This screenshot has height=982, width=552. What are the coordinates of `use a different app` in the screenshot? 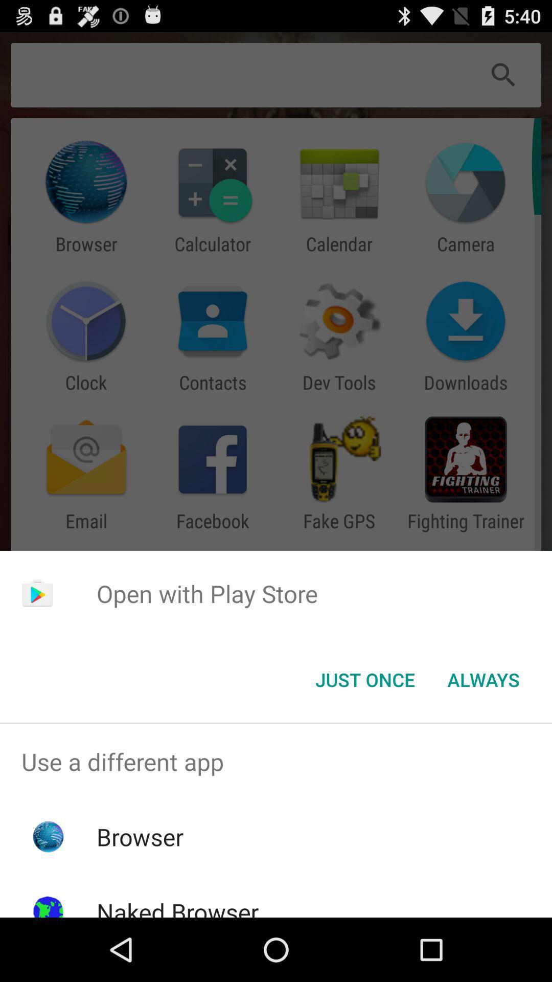 It's located at (276, 762).